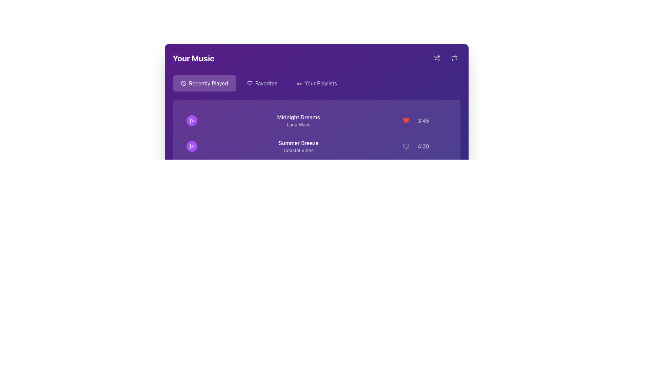  I want to click on the 'Recently Played' button, which is a rectangular button with a rounded border featuring a white clock icon and white text, so click(204, 83).